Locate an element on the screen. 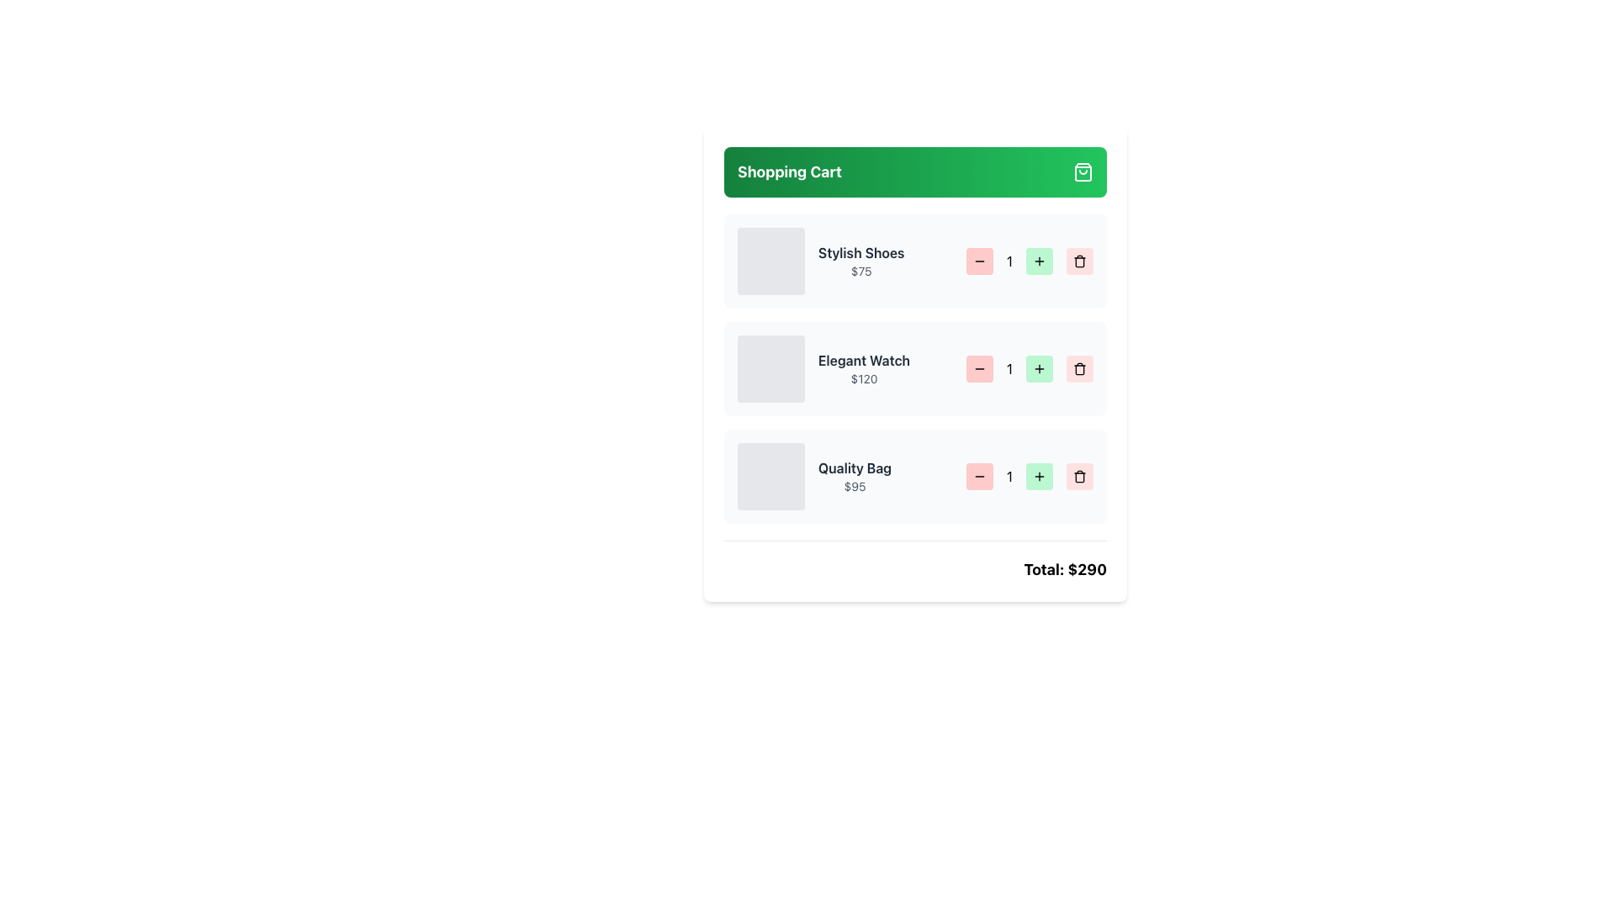  the green rounded button with a plus symbol inside, located in the middle of the horizontal row of controls on the 'Quality Bag' product card, to increase the quantity is located at coordinates (1029, 477).